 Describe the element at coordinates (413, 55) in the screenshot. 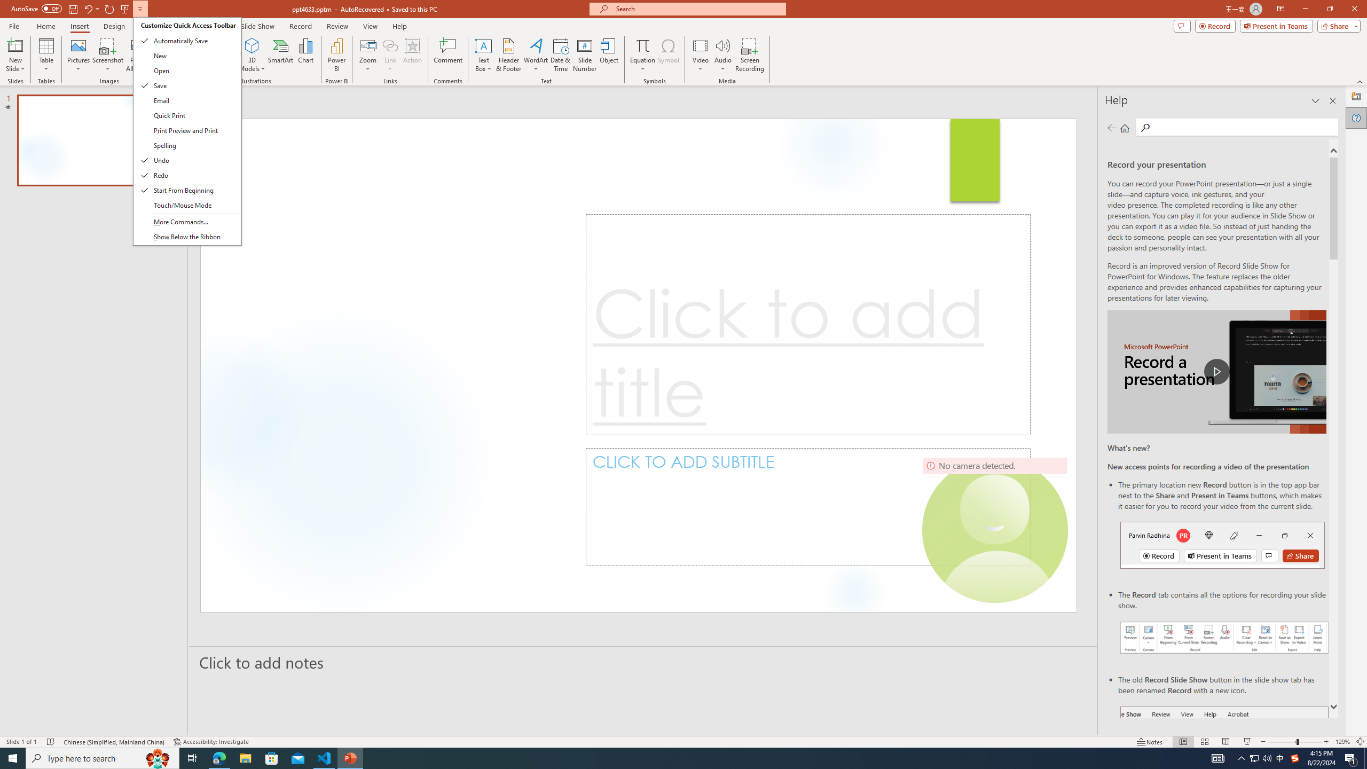

I see `'Action'` at that location.